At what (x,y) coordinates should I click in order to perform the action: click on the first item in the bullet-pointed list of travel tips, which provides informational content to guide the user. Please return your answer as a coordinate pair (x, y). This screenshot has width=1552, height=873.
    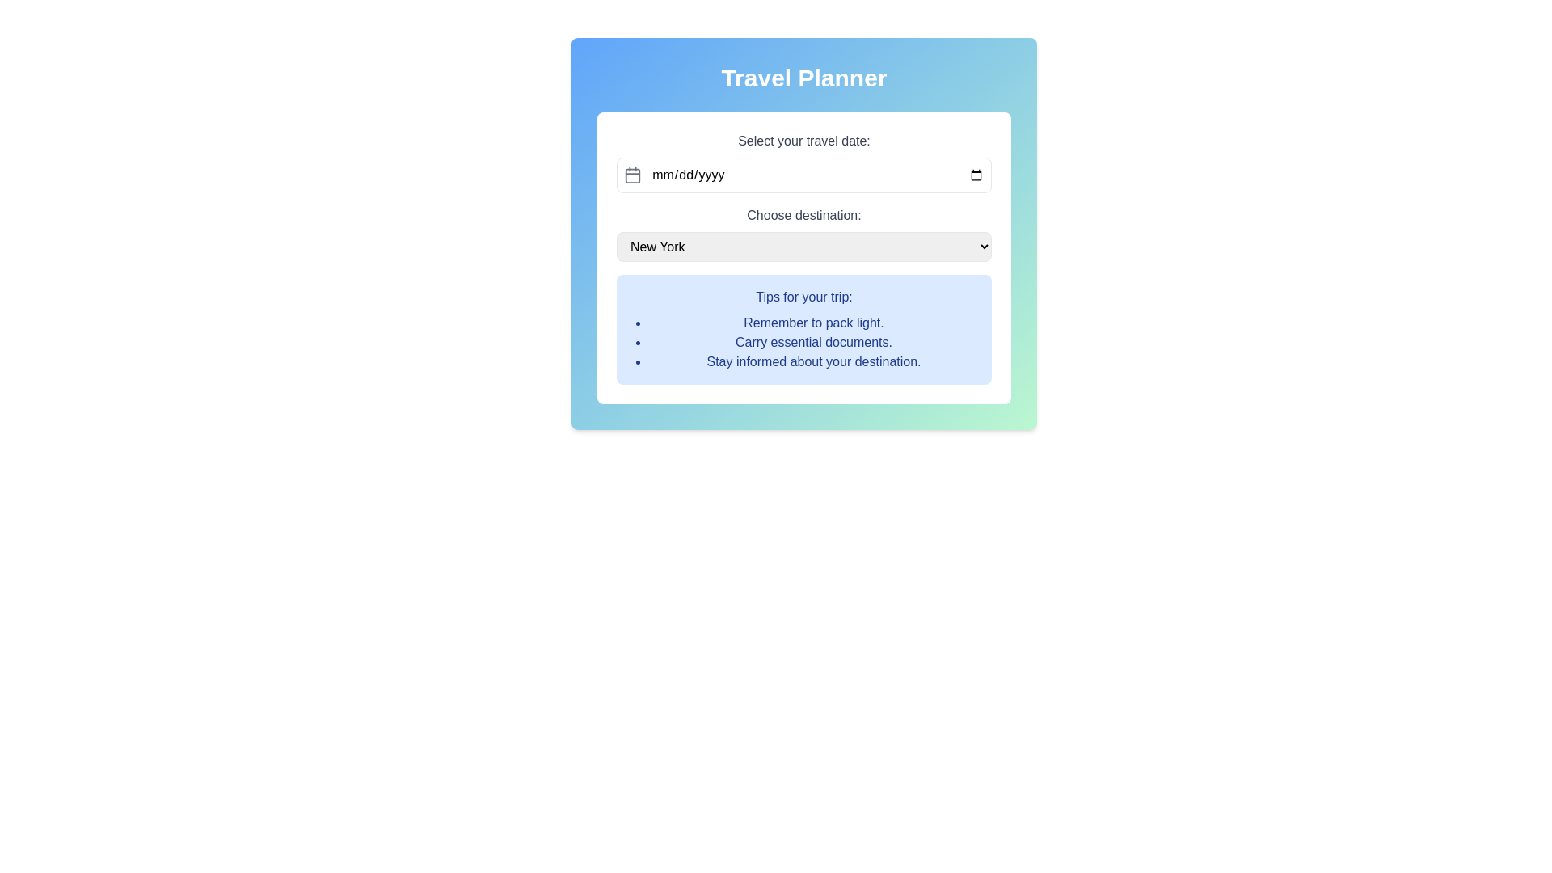
    Looking at the image, I should click on (814, 323).